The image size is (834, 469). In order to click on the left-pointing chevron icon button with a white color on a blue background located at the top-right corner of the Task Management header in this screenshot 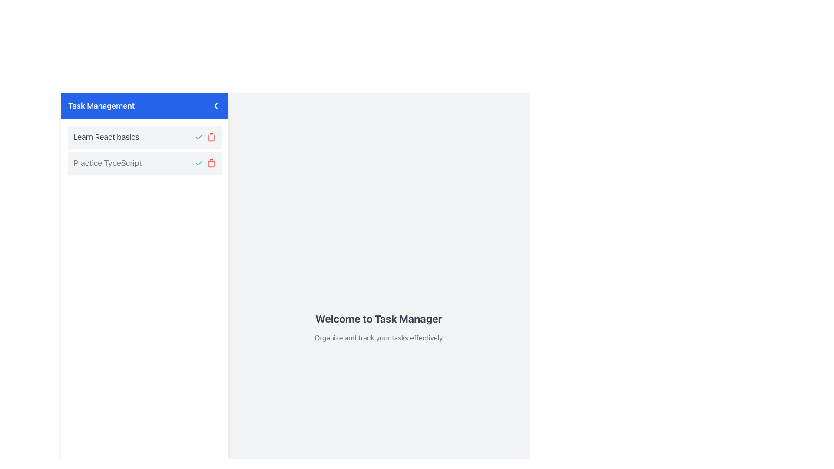, I will do `click(216, 105)`.